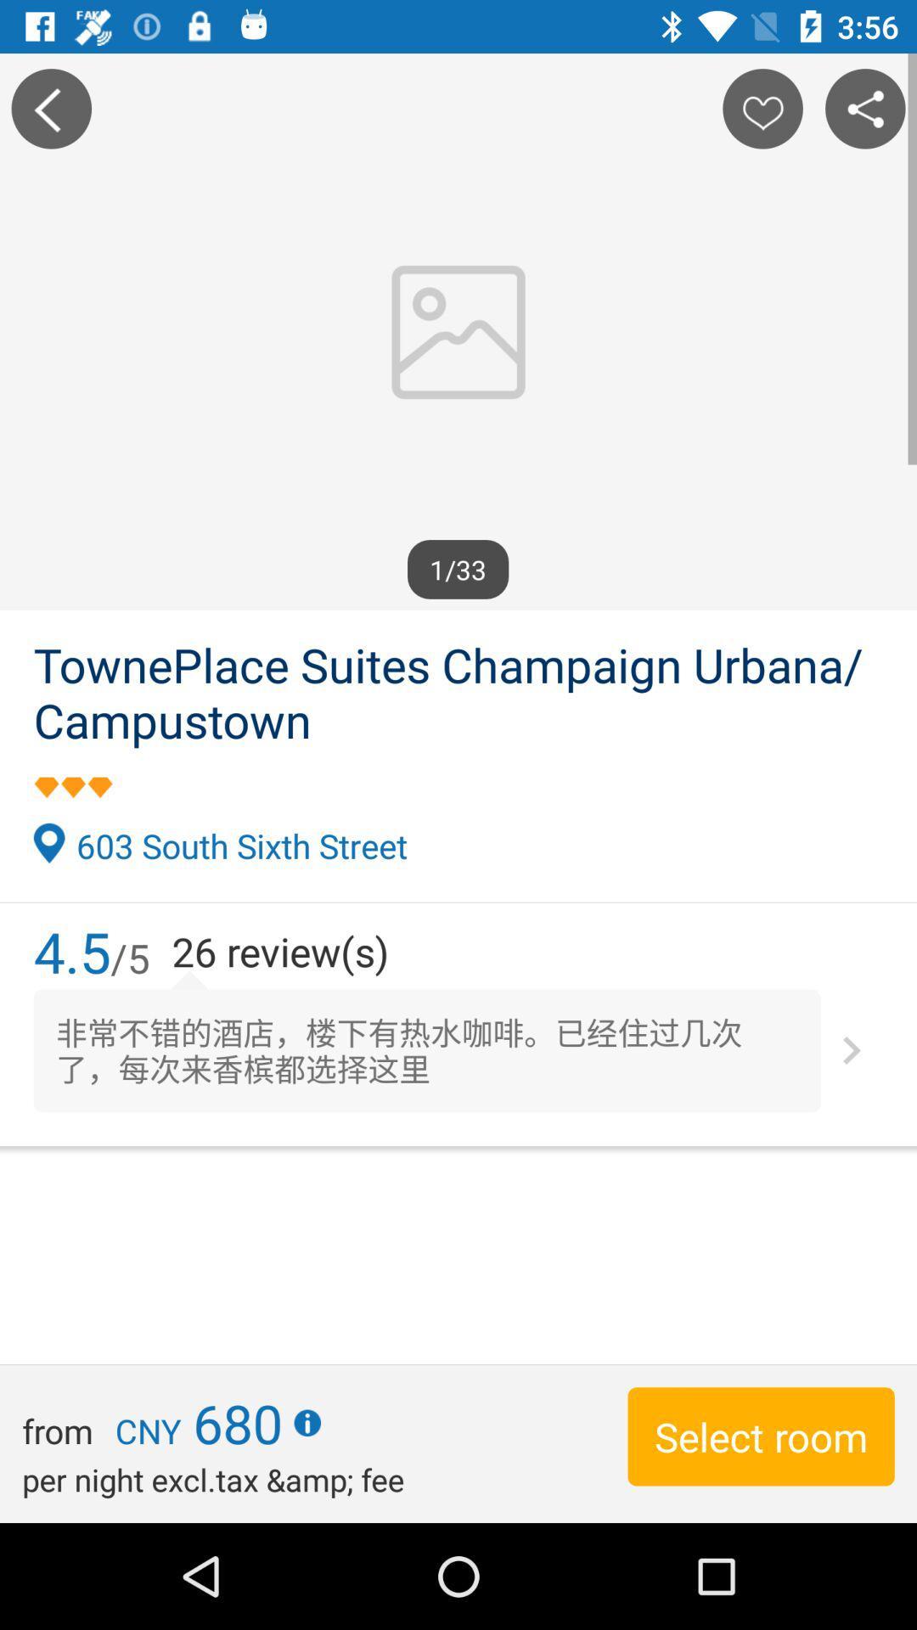 The width and height of the screenshot is (917, 1630). I want to click on the item at the top left corner, so click(50, 108).